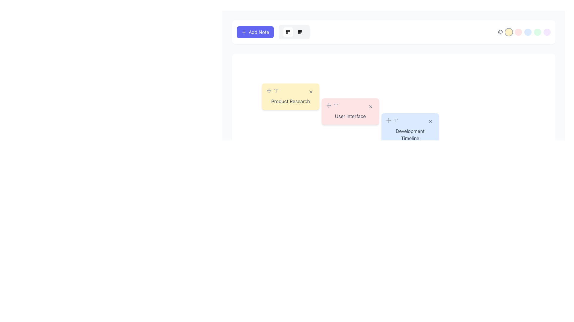  Describe the element at coordinates (259, 32) in the screenshot. I see `label text 'Add Note' located on the purple button, which is positioned at the top-left of the interface and includes a '+' icon to its left` at that location.